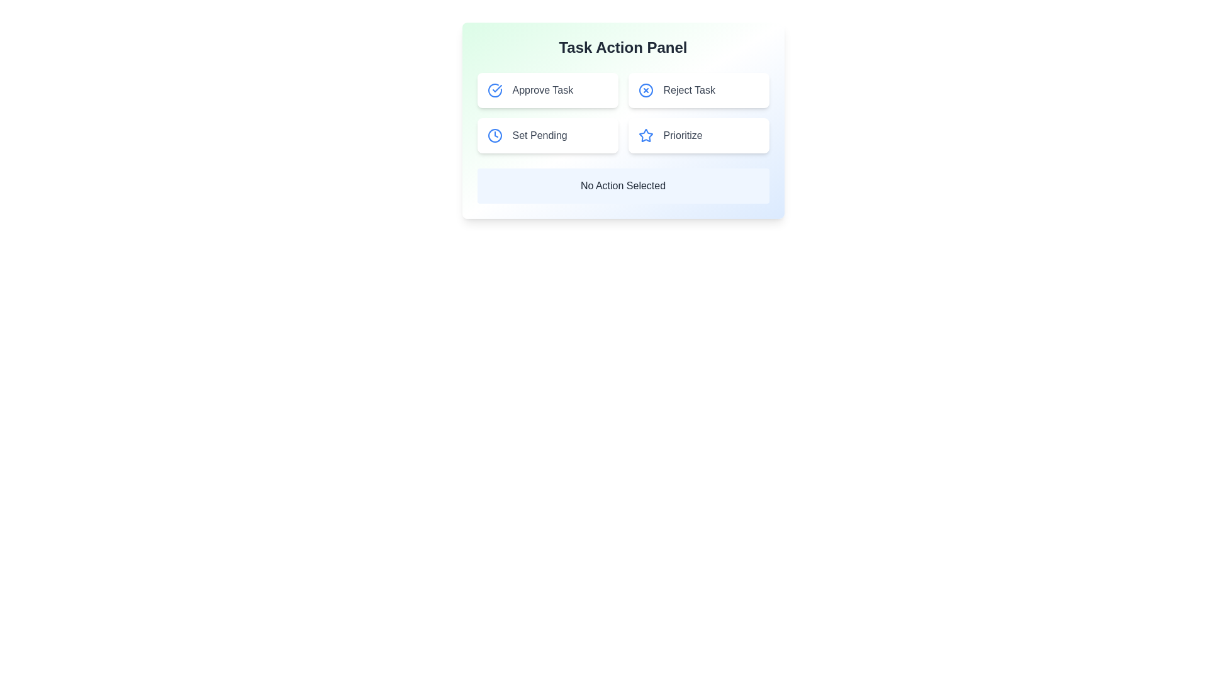  I want to click on the 'Prioritize' button containing the star-shaped icon to prioritize a task, so click(646, 135).